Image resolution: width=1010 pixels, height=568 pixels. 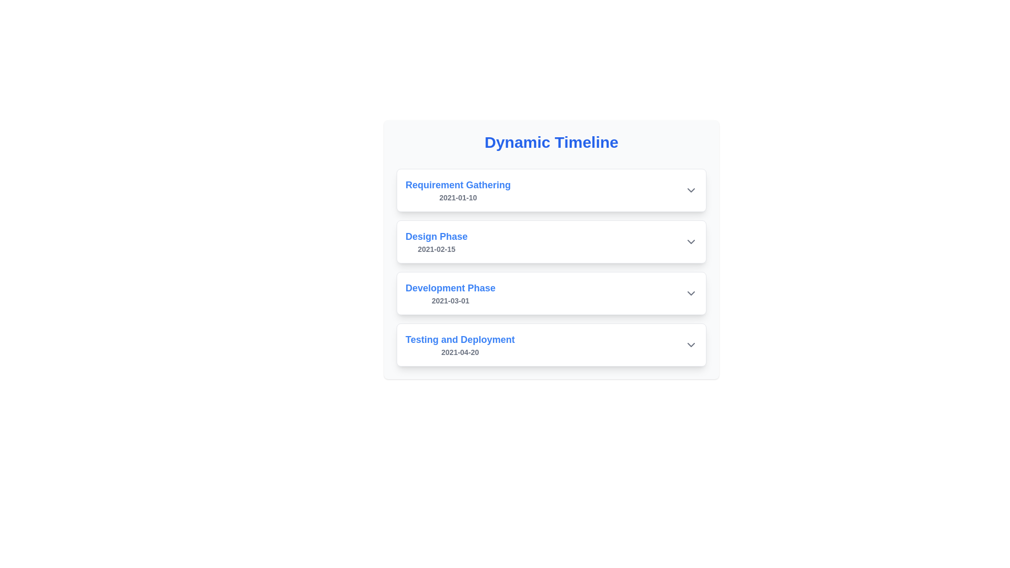 What do you see at coordinates (460, 339) in the screenshot?
I see `the non-interactive text label reading 'Testing and Deployment', which is styled in a large blue font and serves as the title of the last section in the vertical timeline labeled 'Dynamic Timeline'` at bounding box center [460, 339].